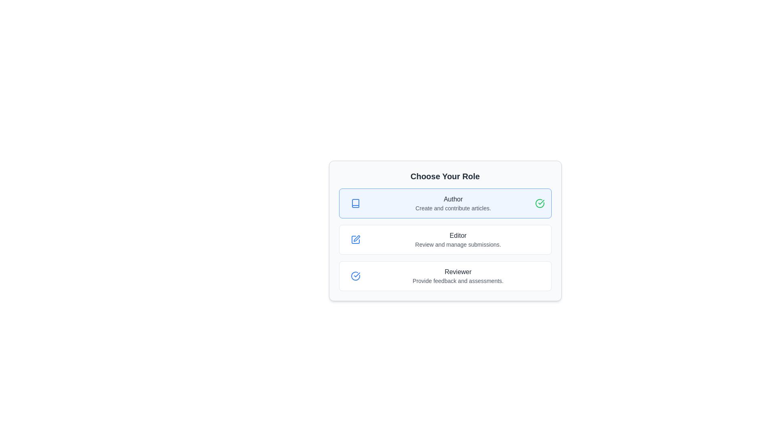 This screenshot has width=776, height=436. Describe the element at coordinates (445, 203) in the screenshot. I see `the 'Author' Selection card in the role selection list to trigger hover effects` at that location.